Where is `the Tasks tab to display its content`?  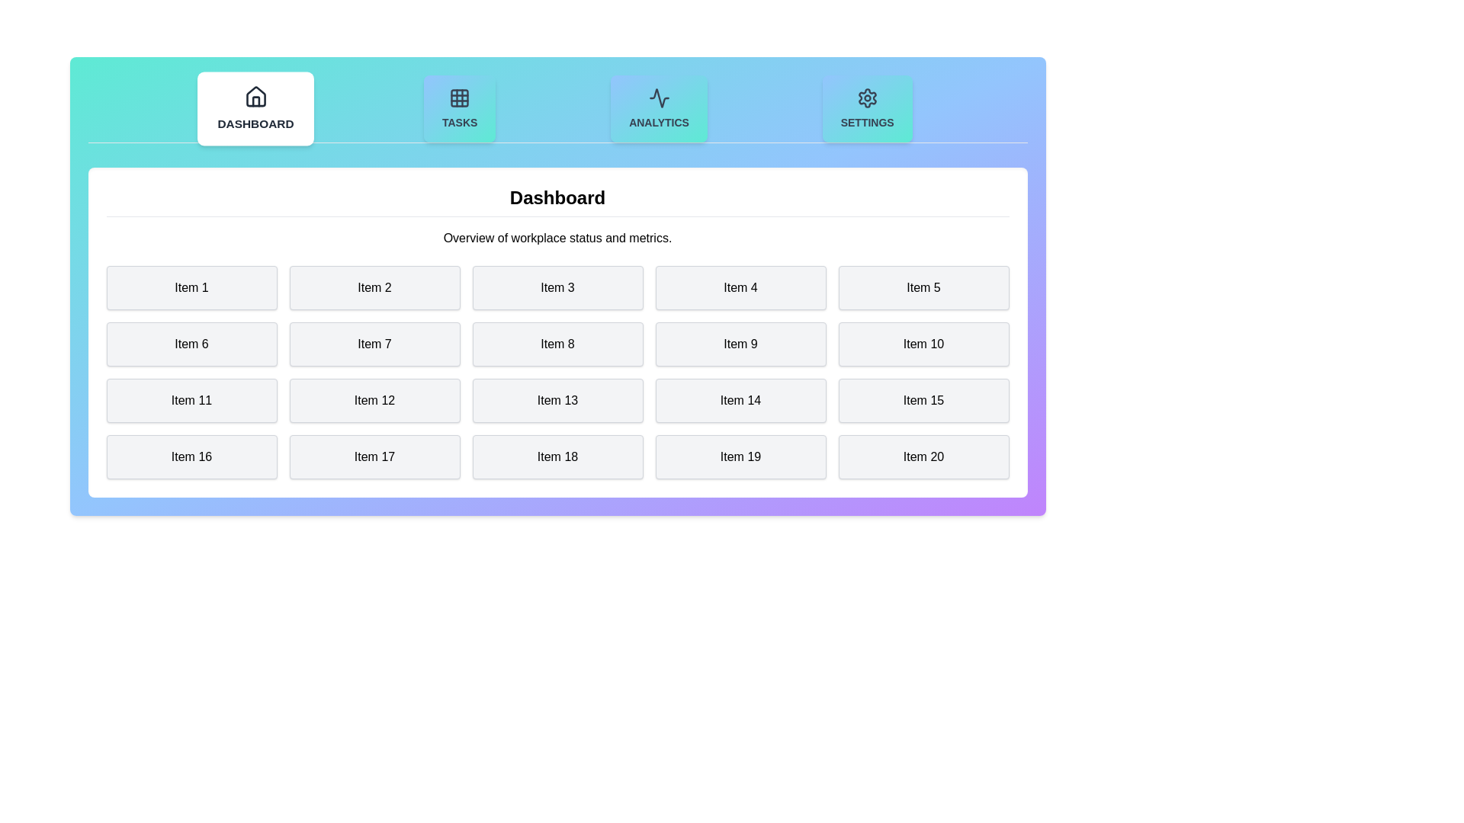
the Tasks tab to display its content is located at coordinates (459, 107).